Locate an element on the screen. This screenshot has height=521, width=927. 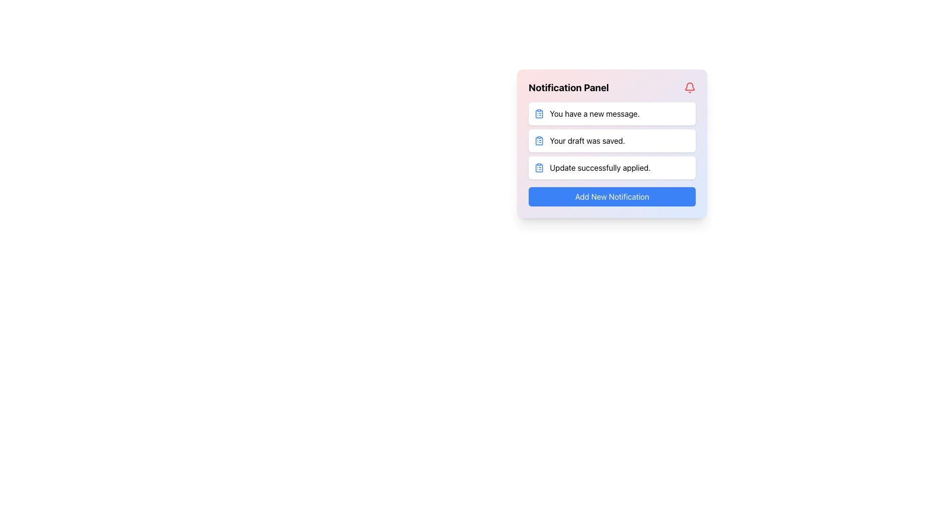
static text display that confirms the user's draft was successfully saved, located in the notification panel between 'You have a new message.' and 'Update successfully applied.' is located at coordinates (587, 141).